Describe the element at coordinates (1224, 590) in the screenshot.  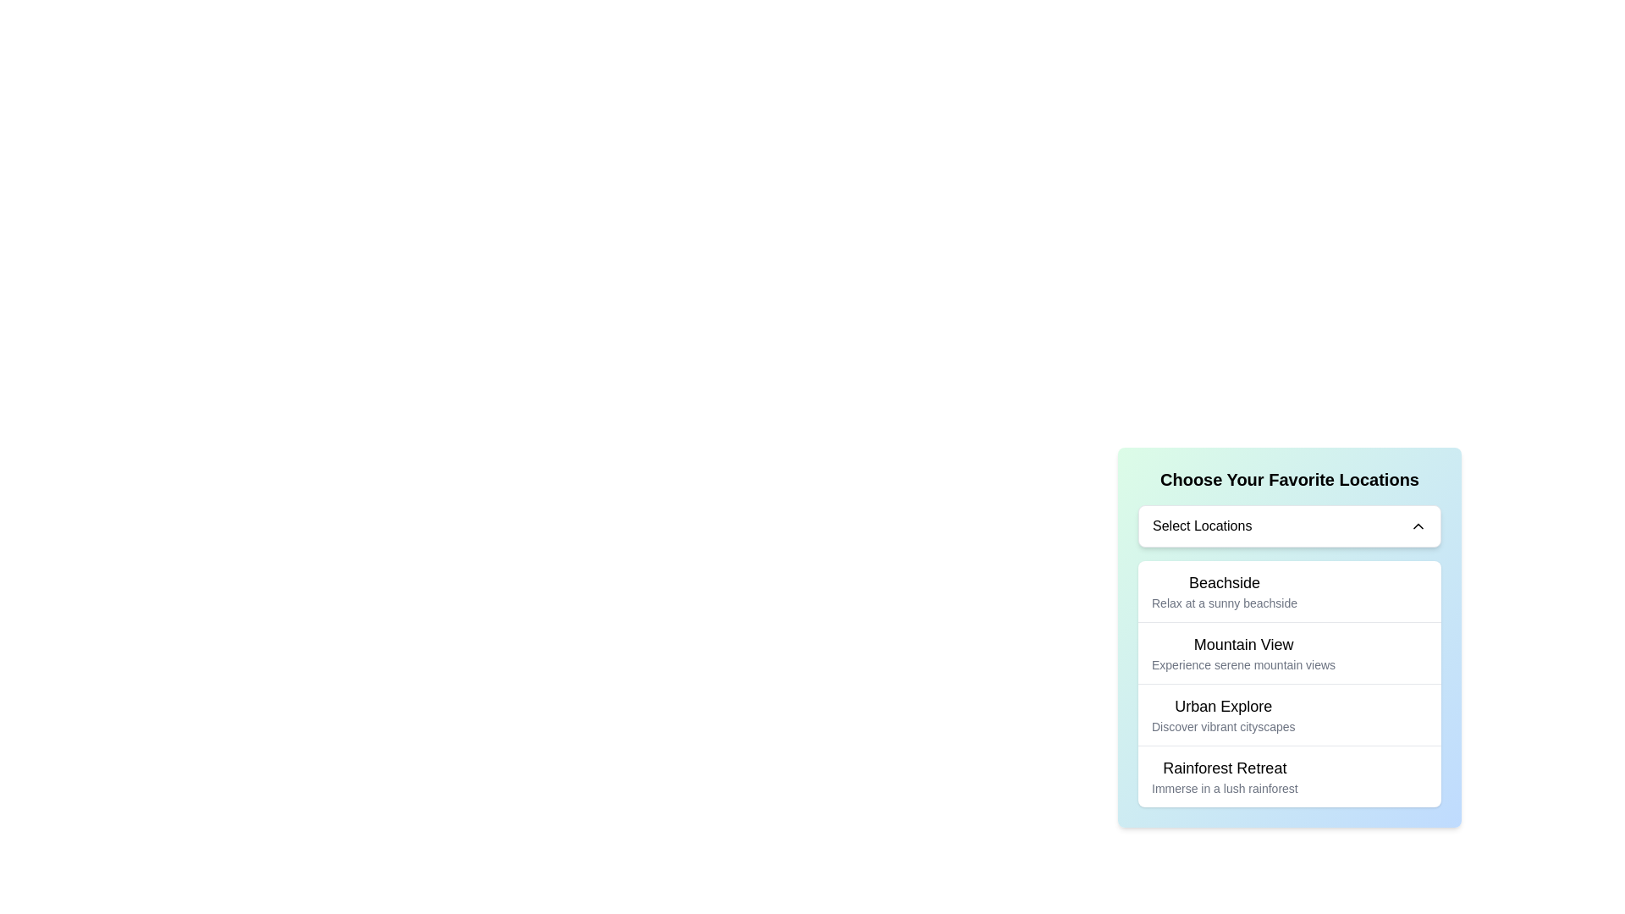
I see `the first entry in the list under 'Choose Your Favorite Locations'` at that location.